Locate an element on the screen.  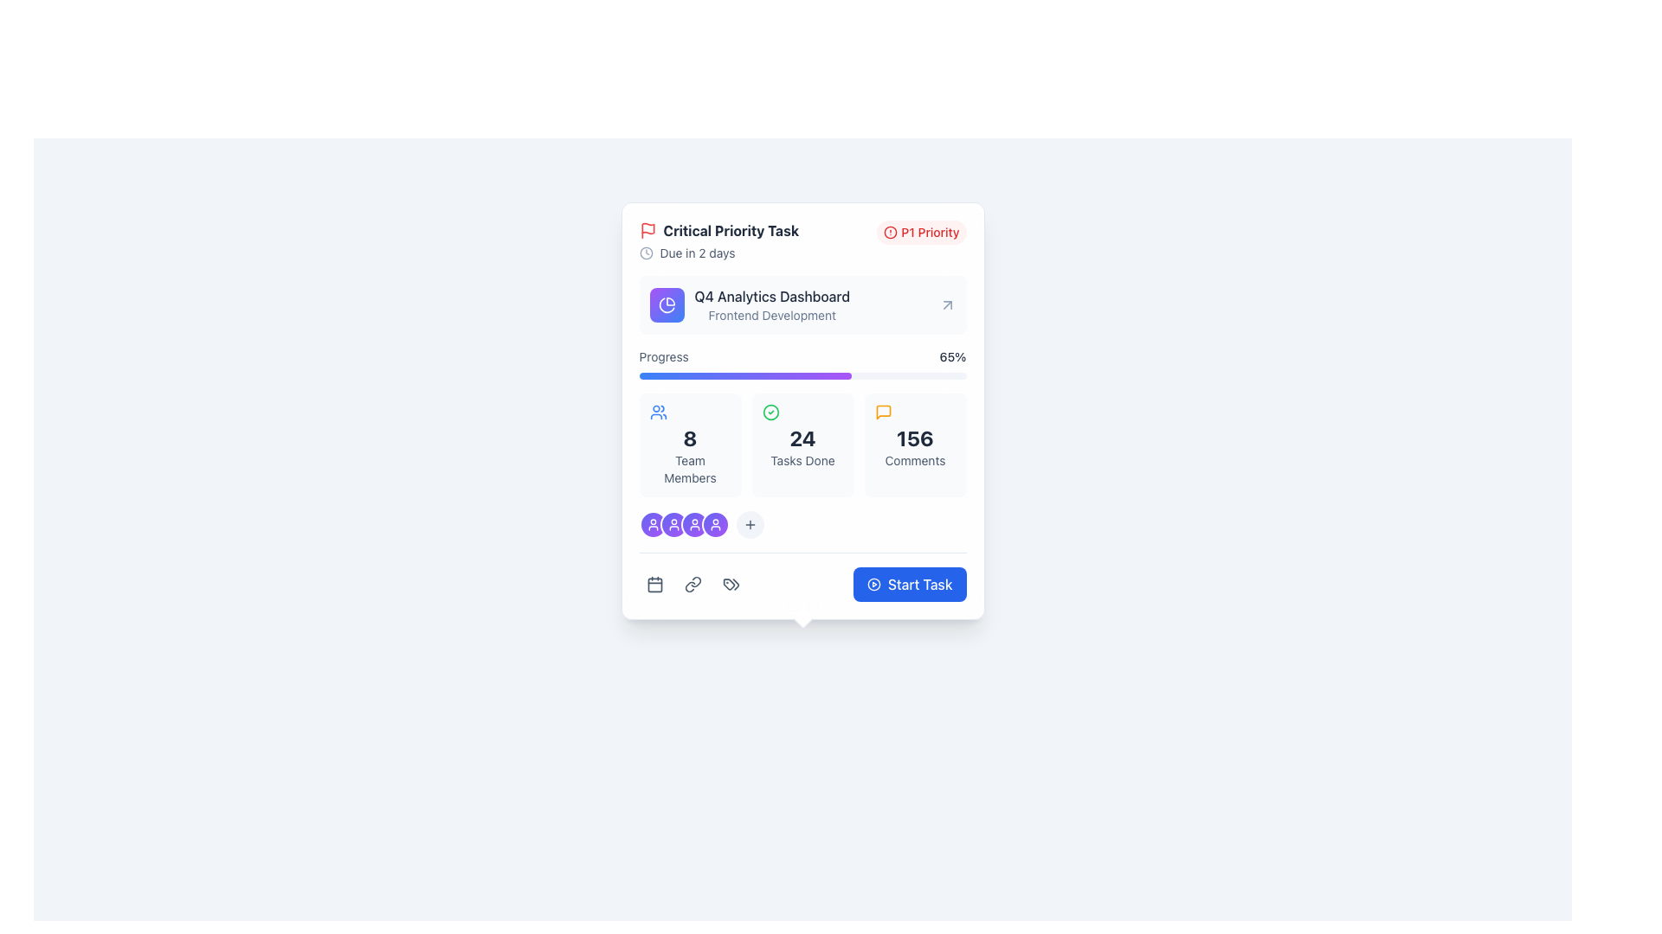
the critical priority status icon located in the top-left corner of the task detail card, adjacent to the 'Critical Priority Task' title is located at coordinates (647, 227).